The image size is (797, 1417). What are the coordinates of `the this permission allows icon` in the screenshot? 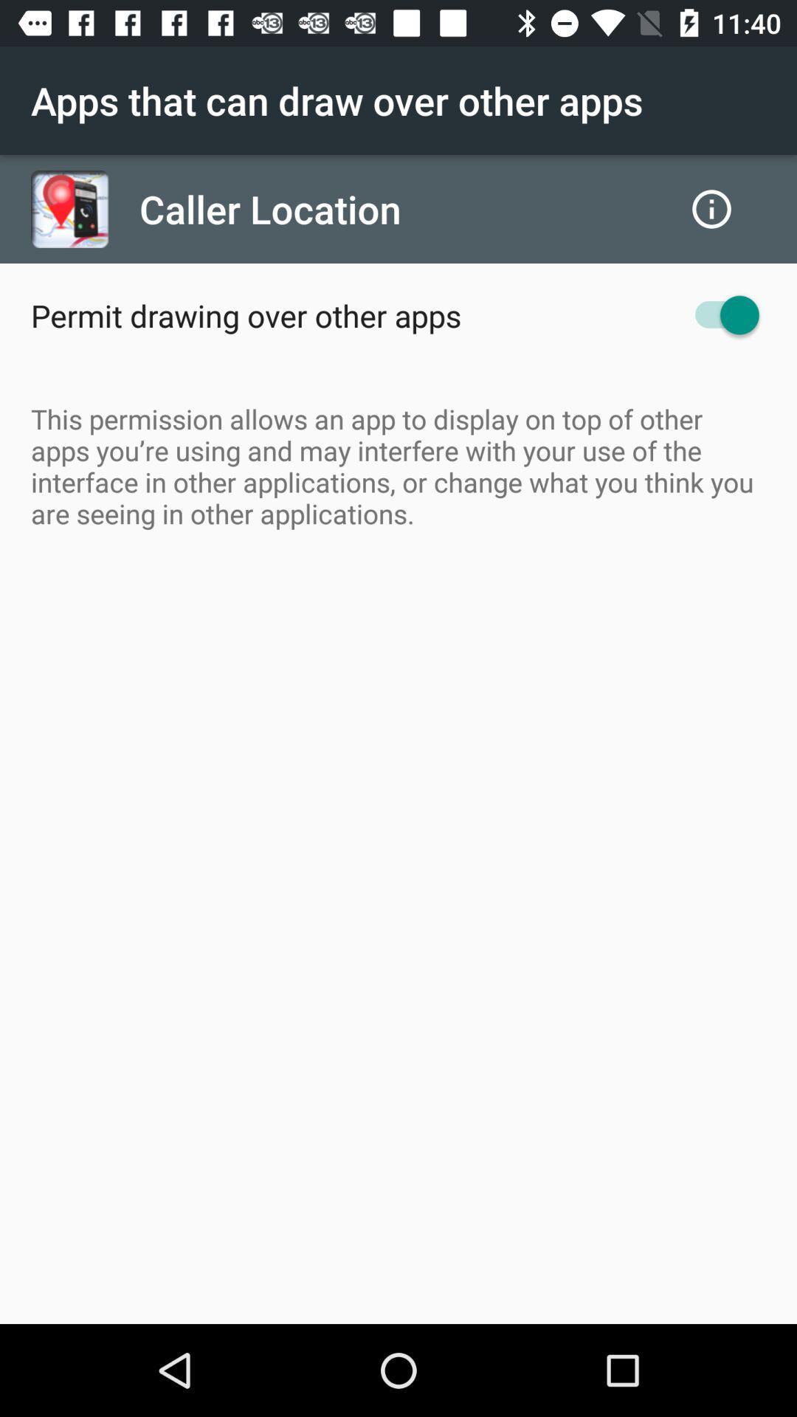 It's located at (398, 465).